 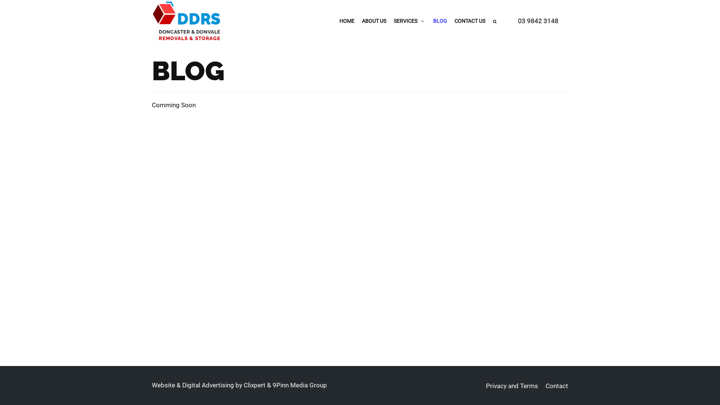 I want to click on 'BLOG', so click(x=440, y=21).